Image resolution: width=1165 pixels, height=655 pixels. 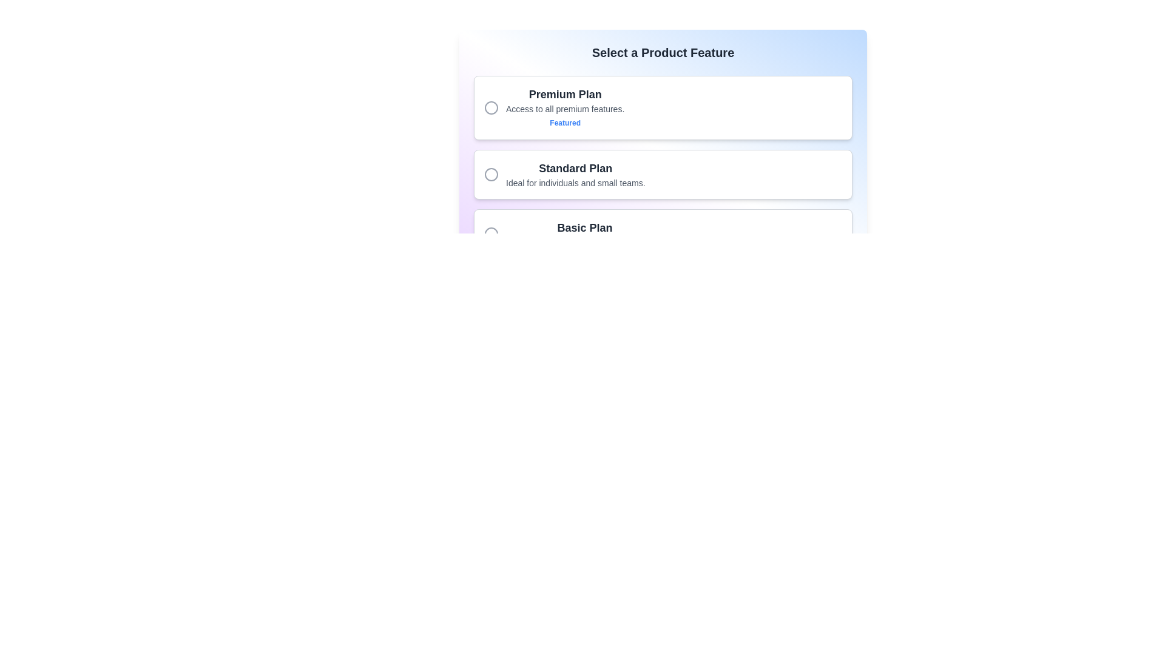 What do you see at coordinates (491, 175) in the screenshot?
I see `the decorative circle SVG element that indicates the 'Standard Plan' selection, located on the left side near the plan's label` at bounding box center [491, 175].